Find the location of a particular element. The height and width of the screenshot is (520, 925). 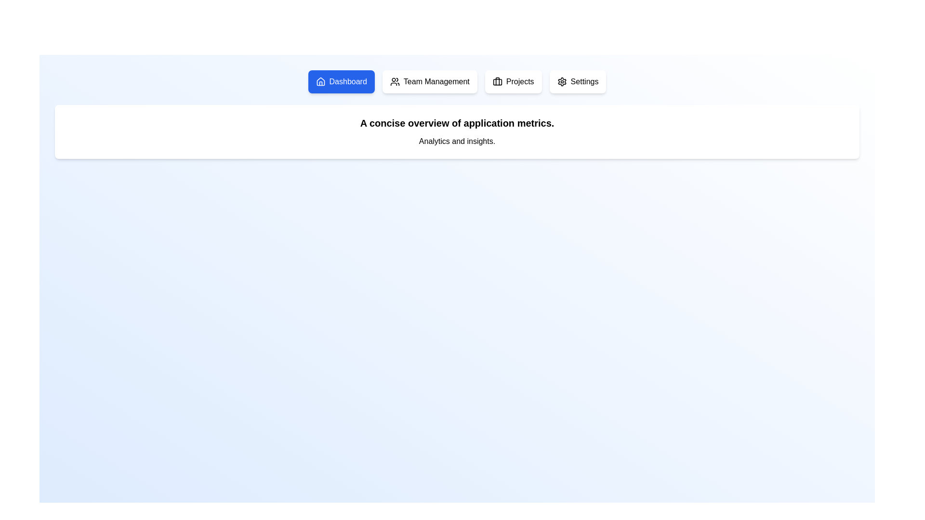

the 'Team Management' text label is located at coordinates (436, 81).